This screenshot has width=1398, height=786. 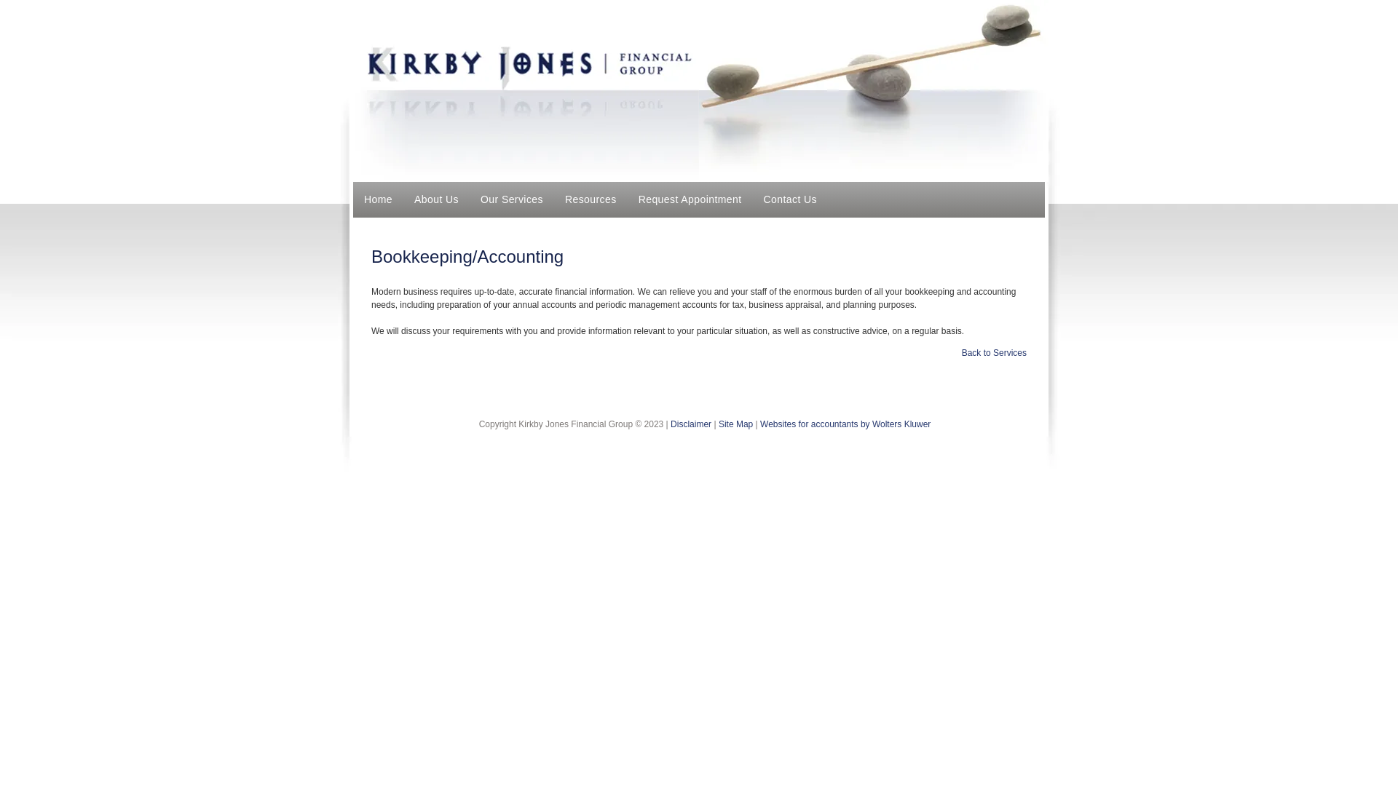 I want to click on 'Site Map', so click(x=735, y=424).